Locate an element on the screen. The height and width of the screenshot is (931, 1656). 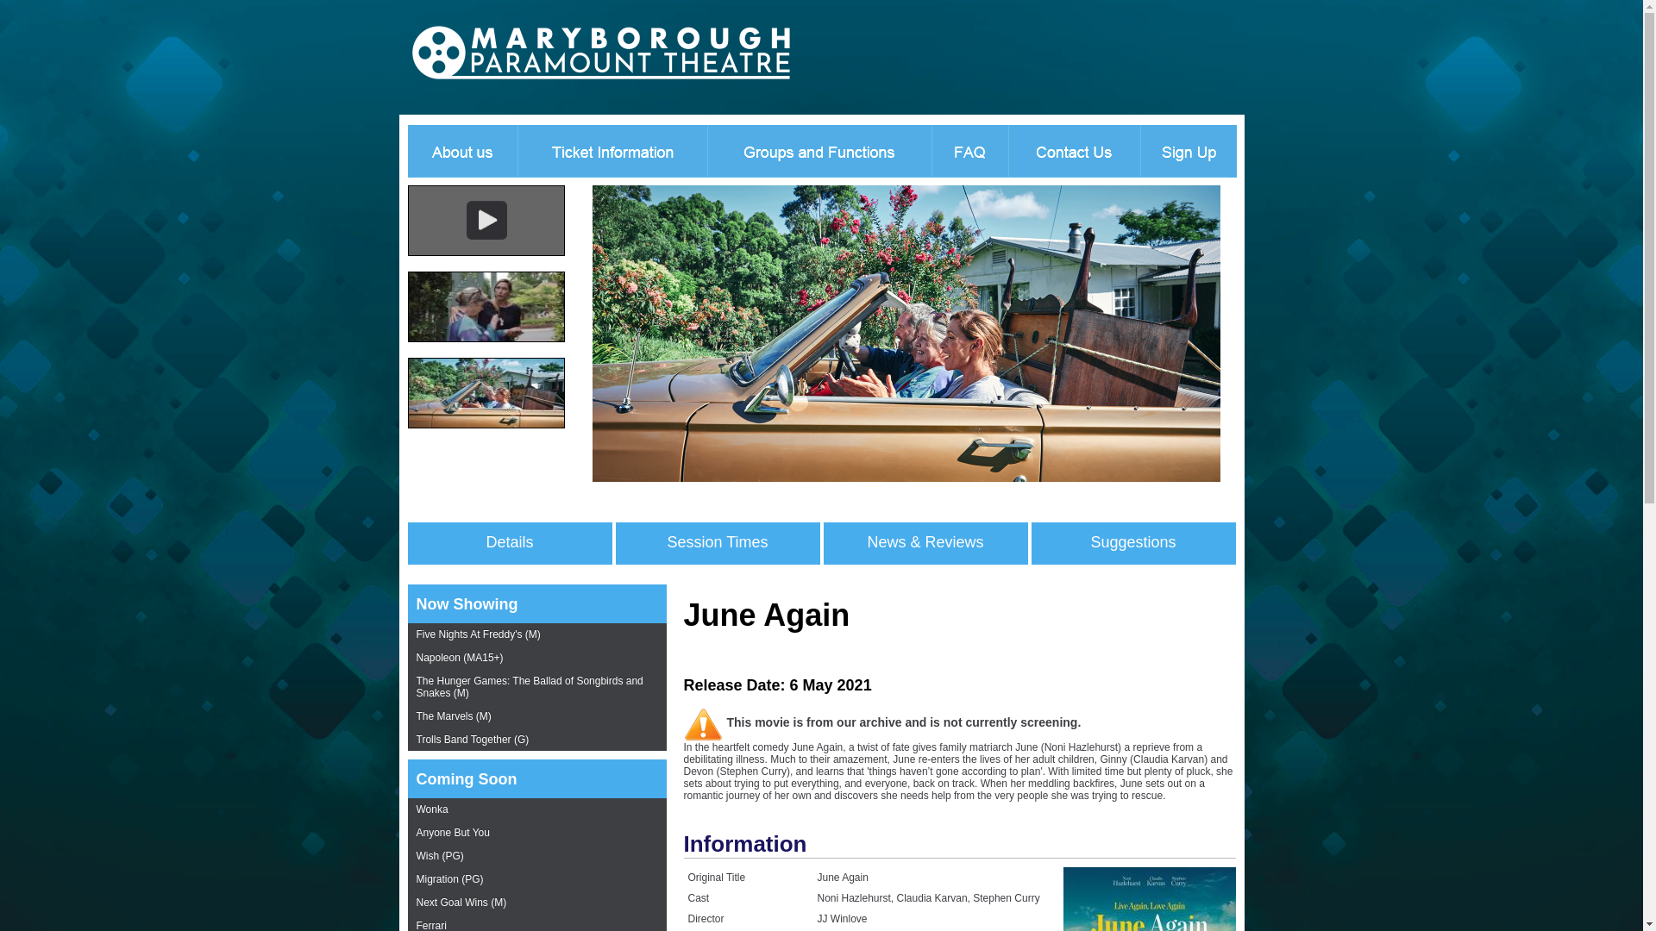
'FAQ' is located at coordinates (969, 148).